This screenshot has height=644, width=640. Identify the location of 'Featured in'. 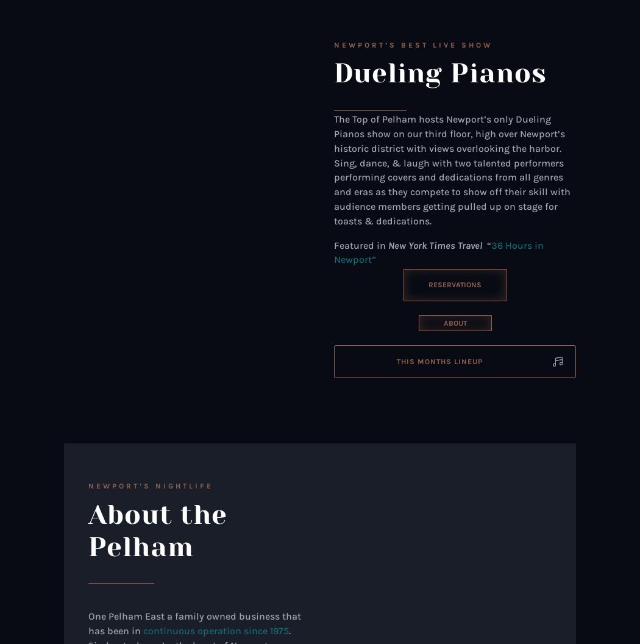
(333, 245).